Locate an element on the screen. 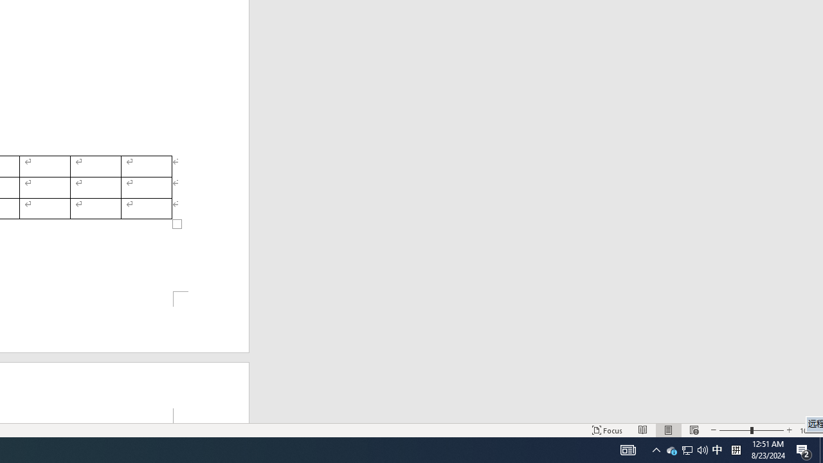 This screenshot has height=463, width=823. 'Focus ' is located at coordinates (606, 430).